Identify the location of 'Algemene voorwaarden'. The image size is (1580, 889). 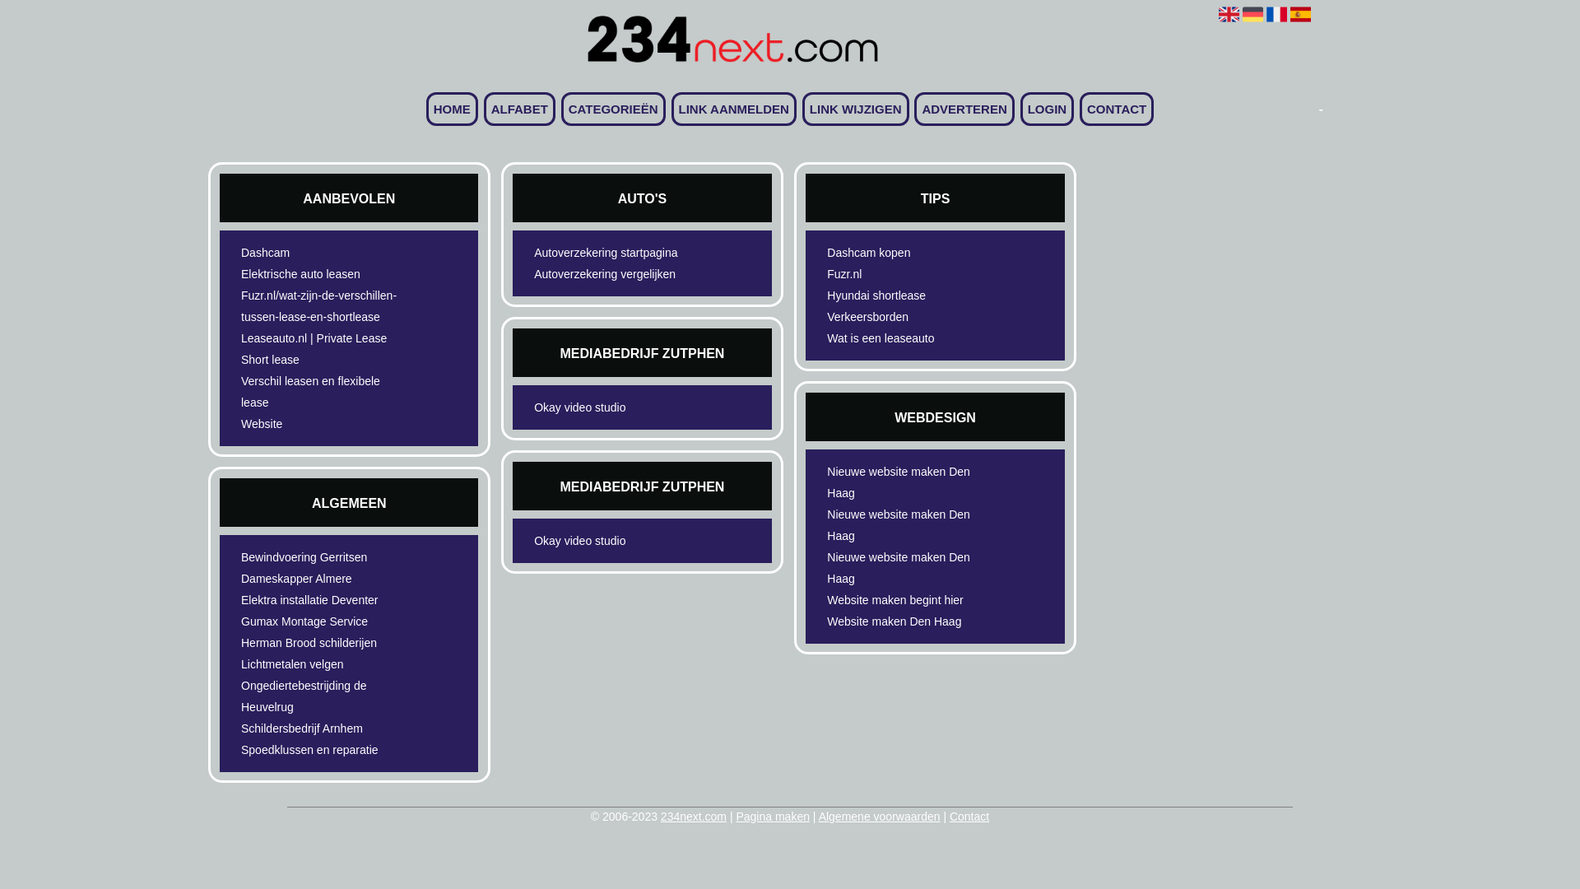
(879, 816).